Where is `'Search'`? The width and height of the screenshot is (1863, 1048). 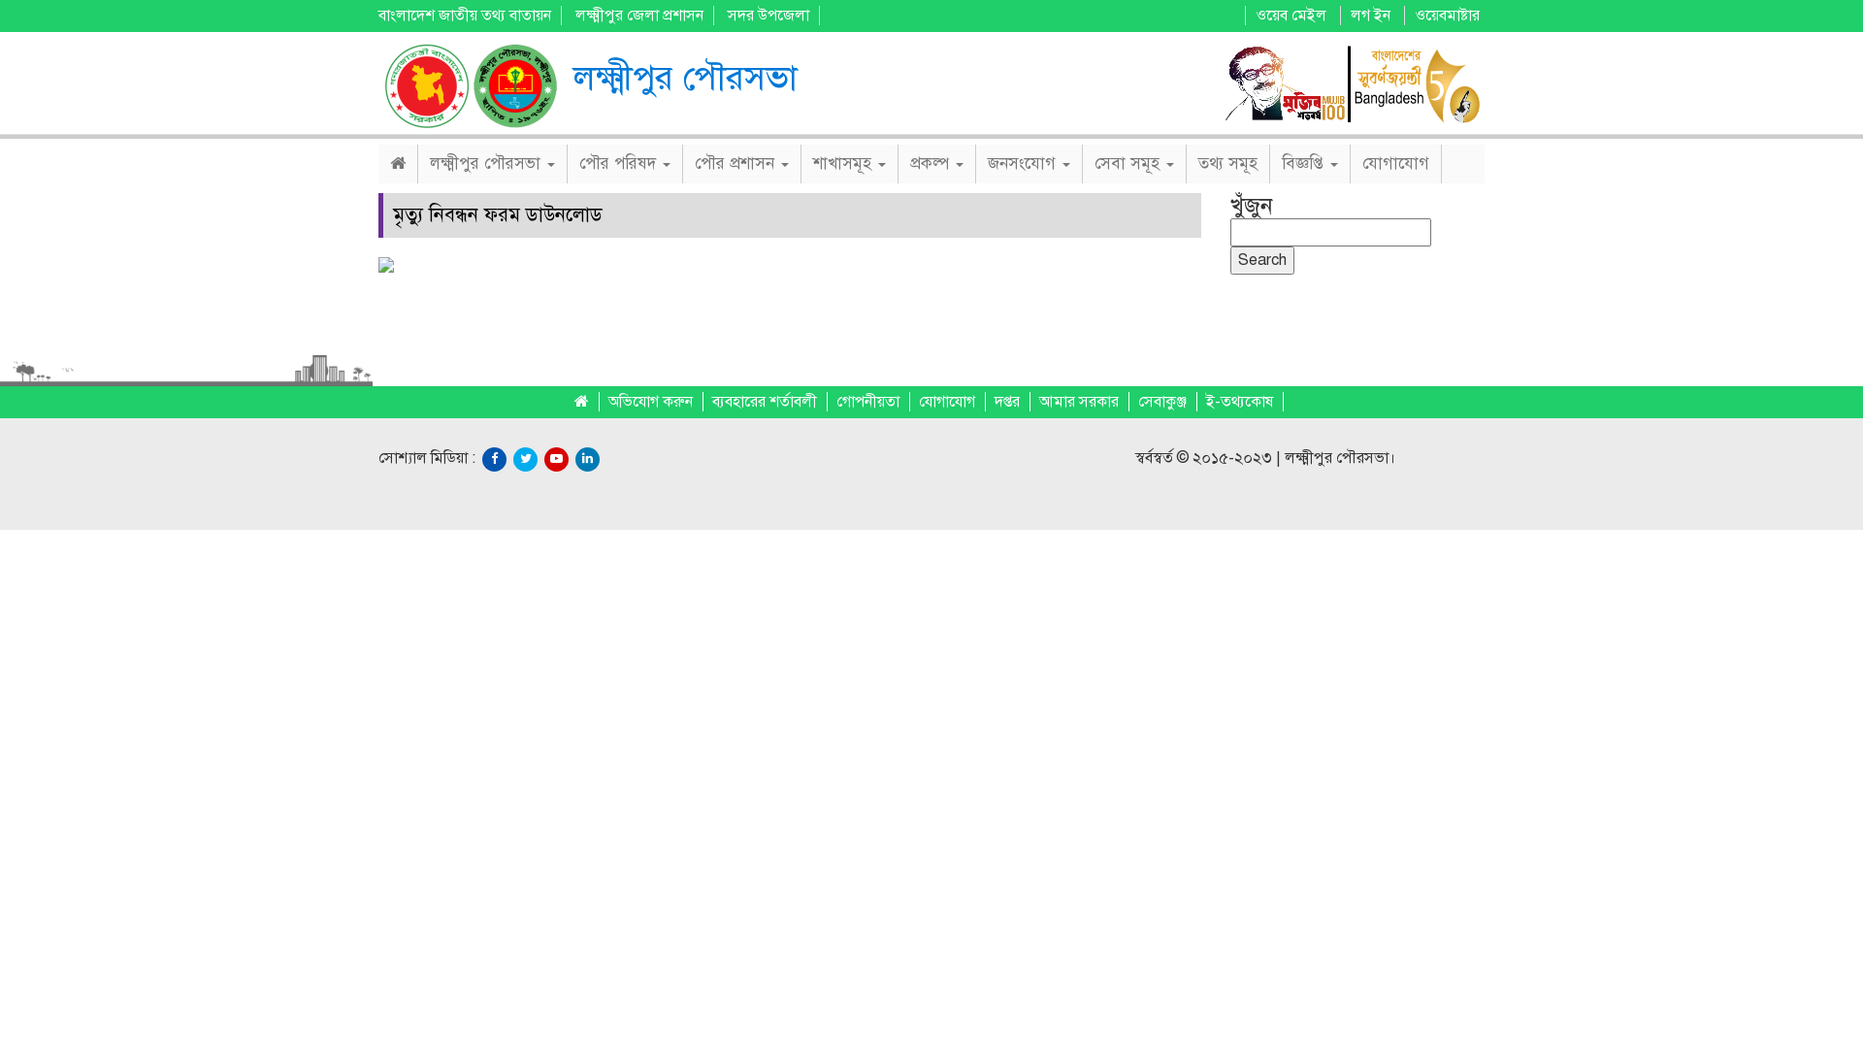
'Search' is located at coordinates (1261, 259).